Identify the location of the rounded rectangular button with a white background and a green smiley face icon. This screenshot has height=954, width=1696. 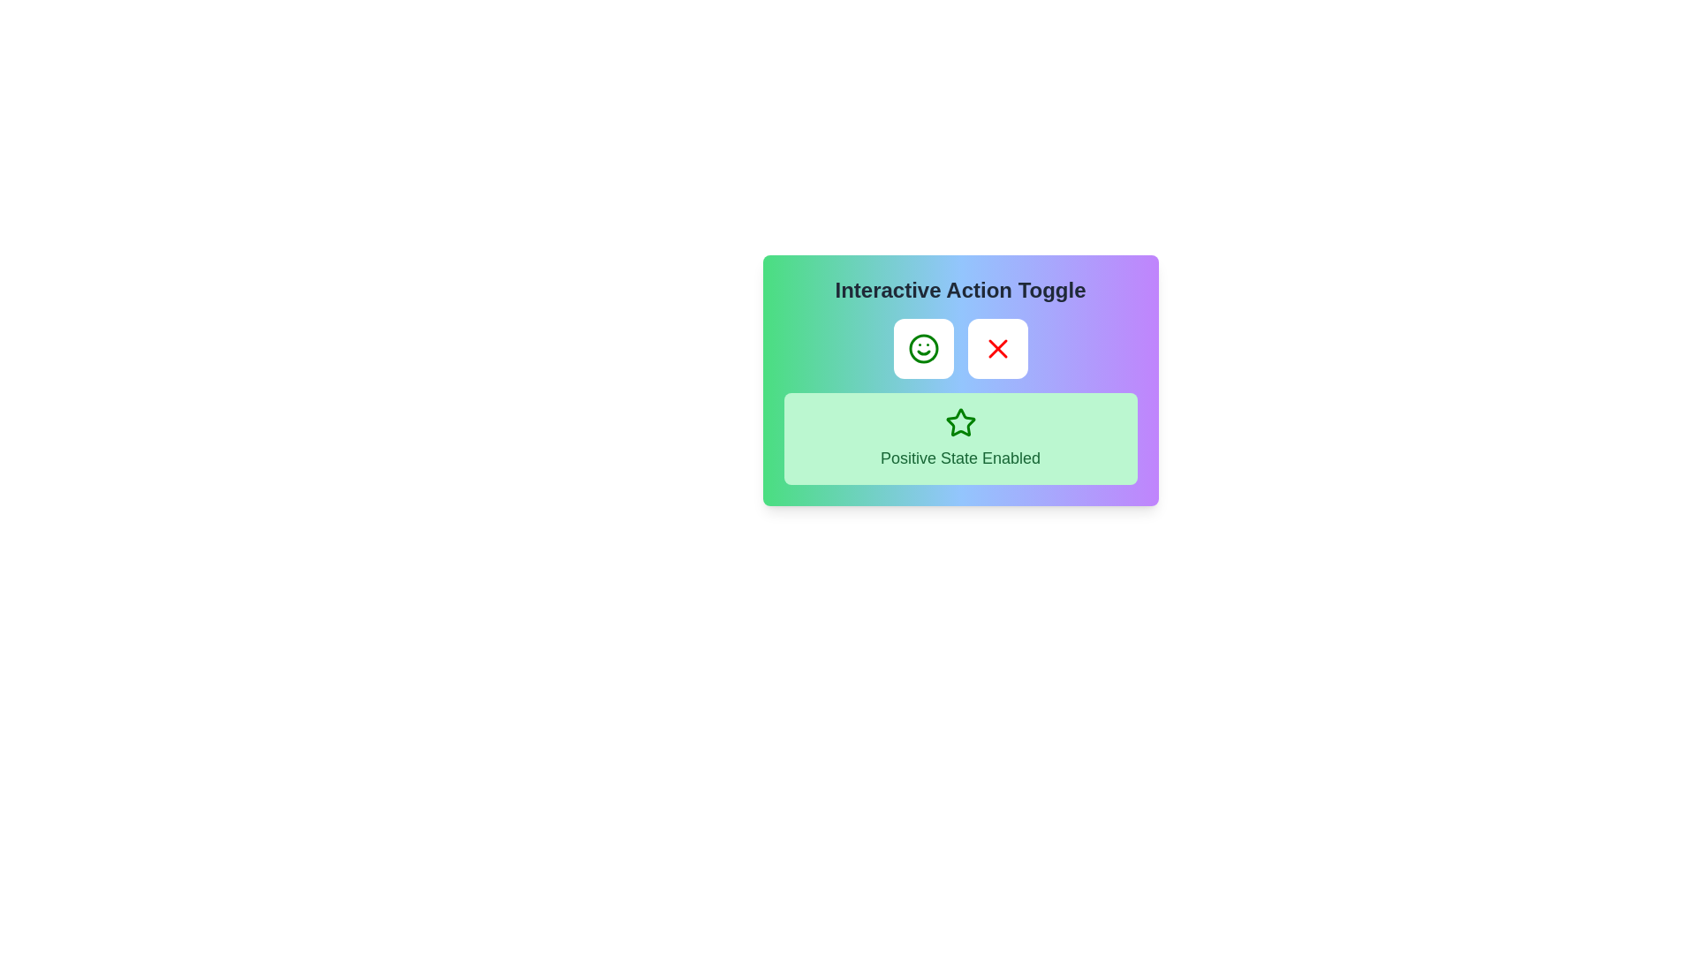
(922, 348).